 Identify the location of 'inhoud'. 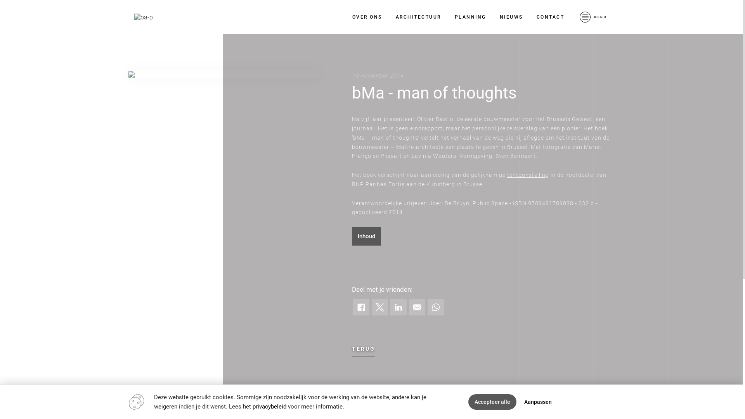
(366, 236).